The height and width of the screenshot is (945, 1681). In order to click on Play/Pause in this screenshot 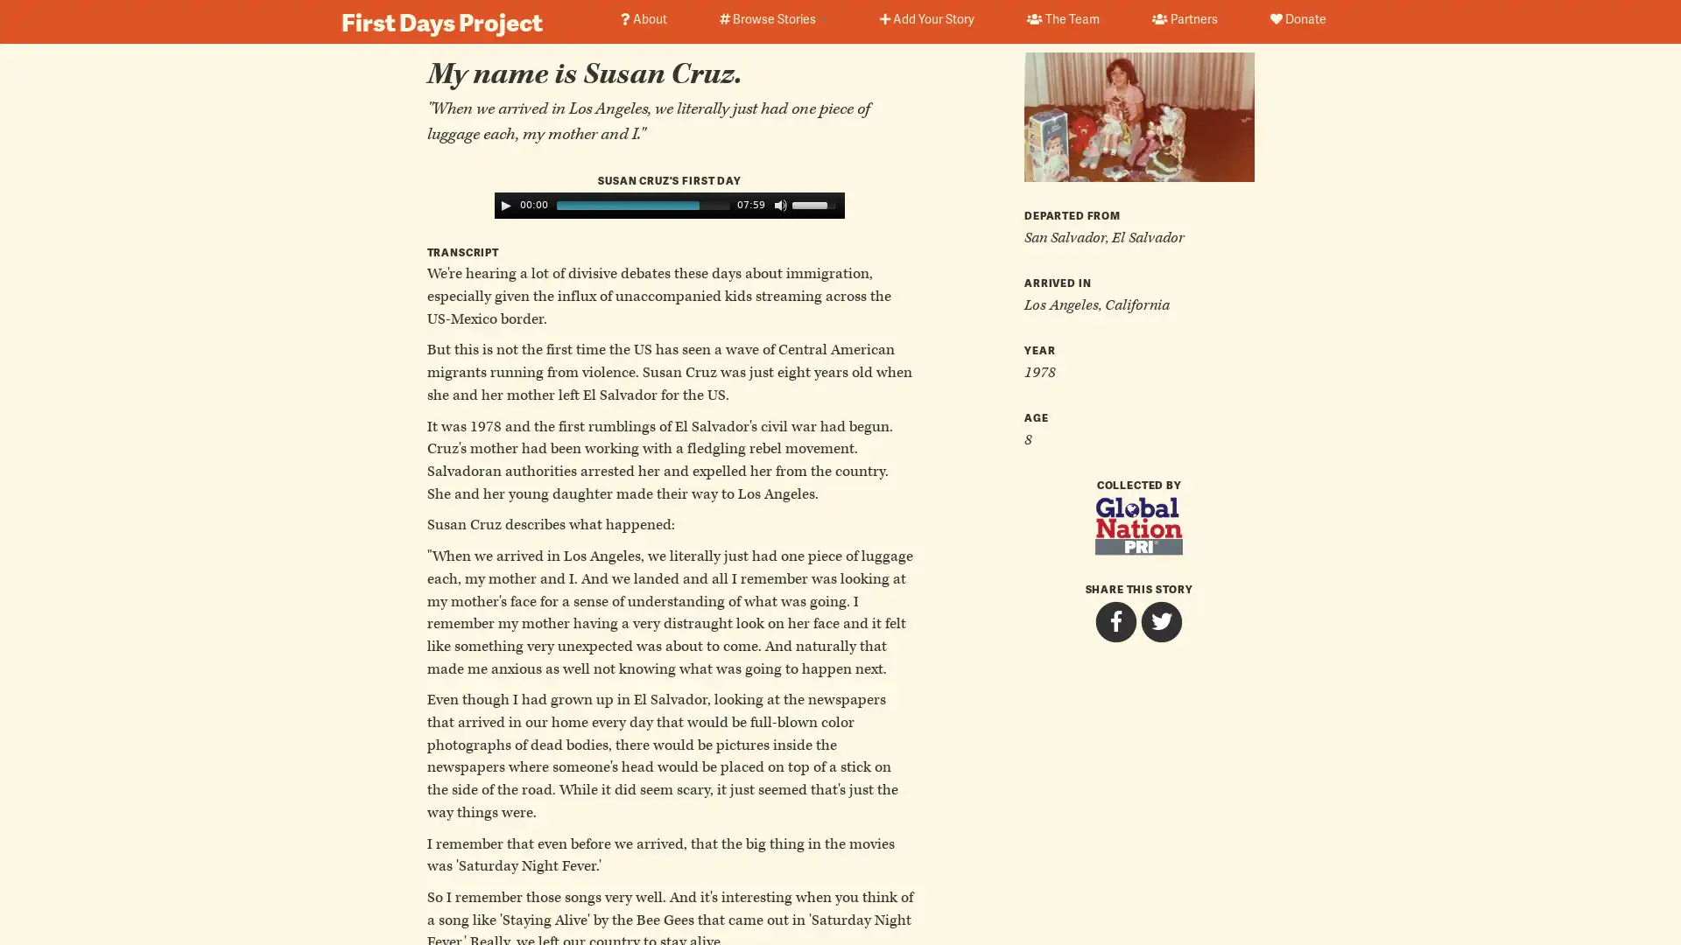, I will do `click(504, 204)`.